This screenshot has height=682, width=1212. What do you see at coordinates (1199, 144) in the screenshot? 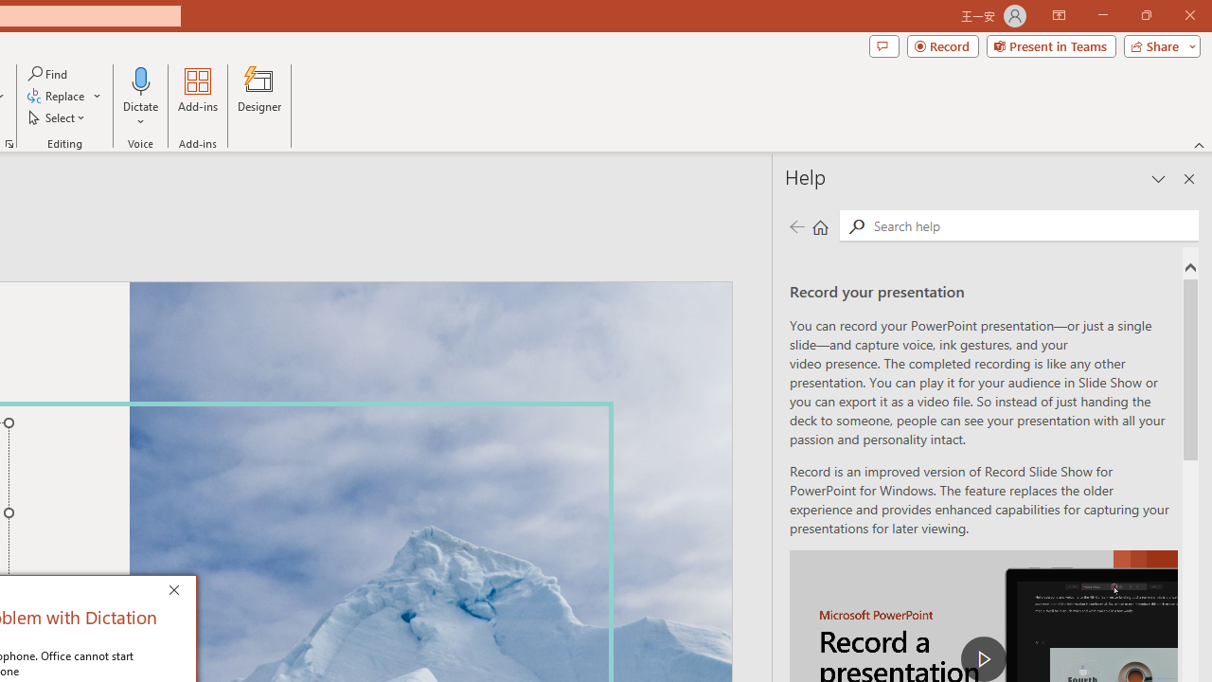
I see `'Collapse the Ribbon'` at bounding box center [1199, 144].